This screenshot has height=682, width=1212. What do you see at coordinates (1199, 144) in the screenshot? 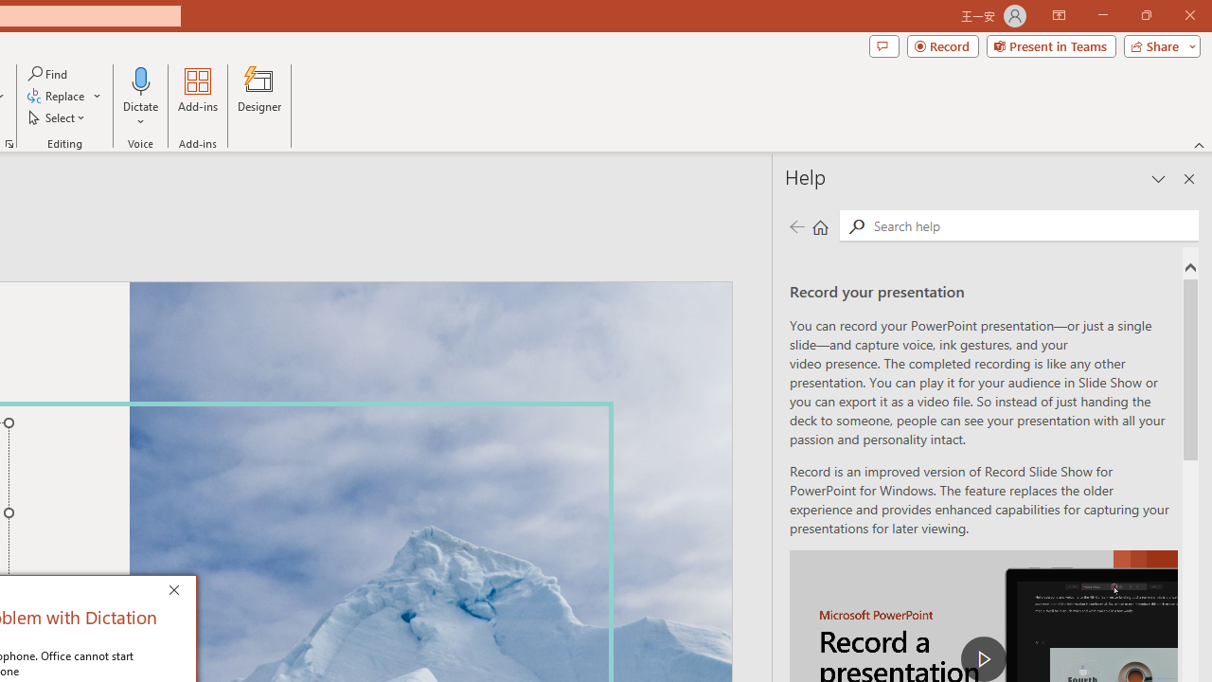
I see `'Collapse the Ribbon'` at bounding box center [1199, 144].